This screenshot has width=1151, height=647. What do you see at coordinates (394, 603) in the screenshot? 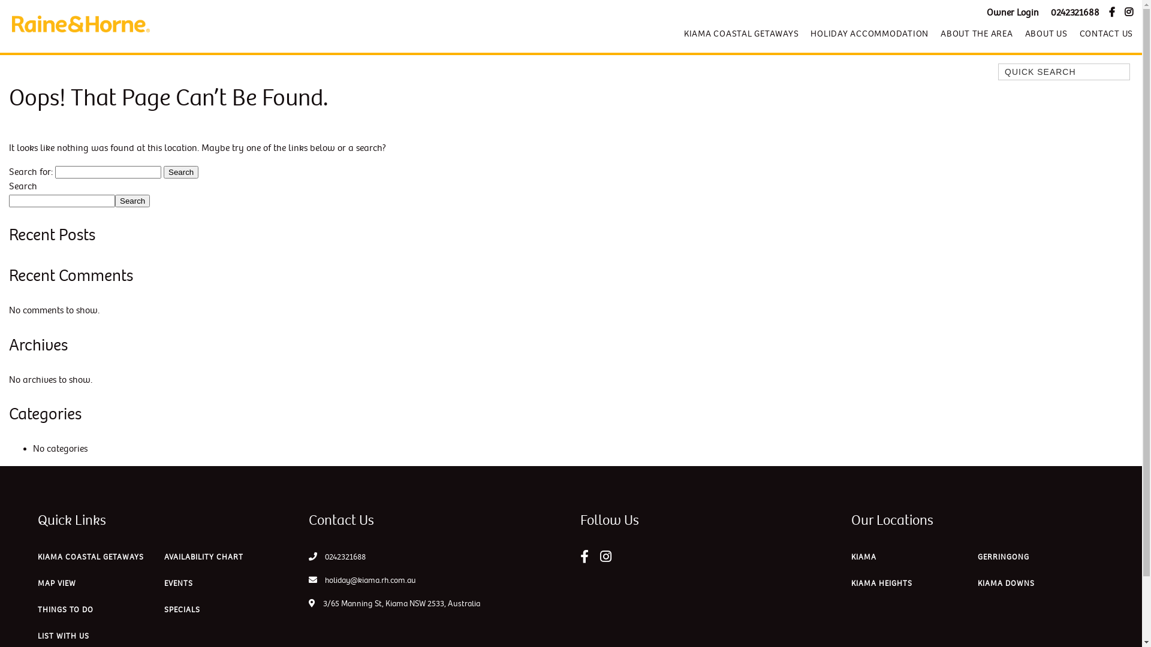
I see `'3/65 Manning St, Kiama NSW 2533, Australia'` at bounding box center [394, 603].